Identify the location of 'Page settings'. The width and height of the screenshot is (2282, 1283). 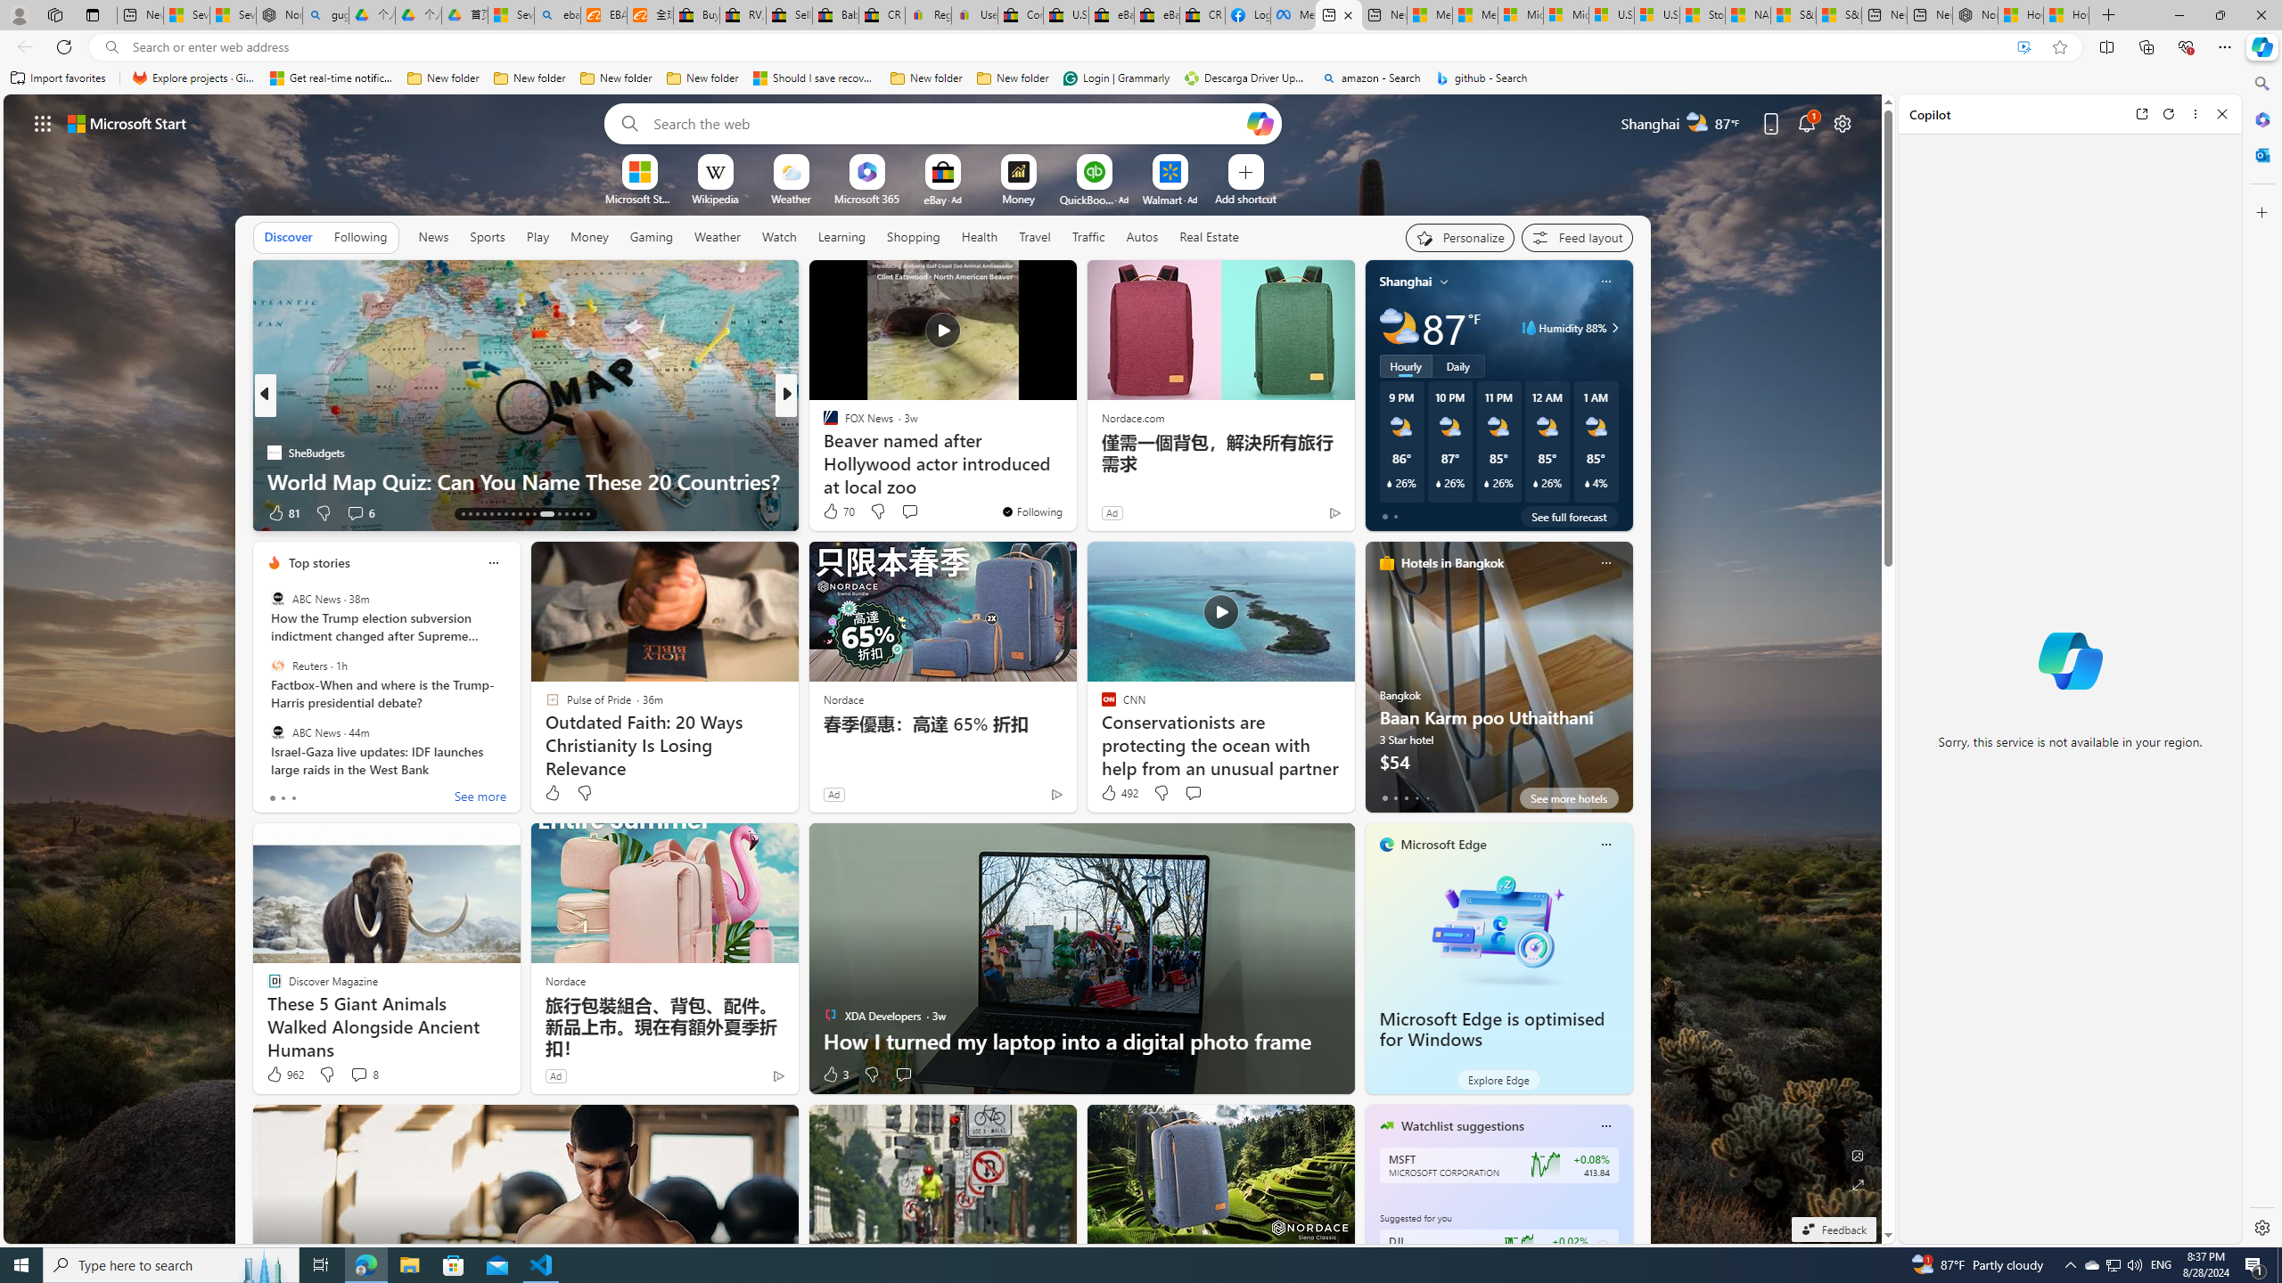
(1842, 122).